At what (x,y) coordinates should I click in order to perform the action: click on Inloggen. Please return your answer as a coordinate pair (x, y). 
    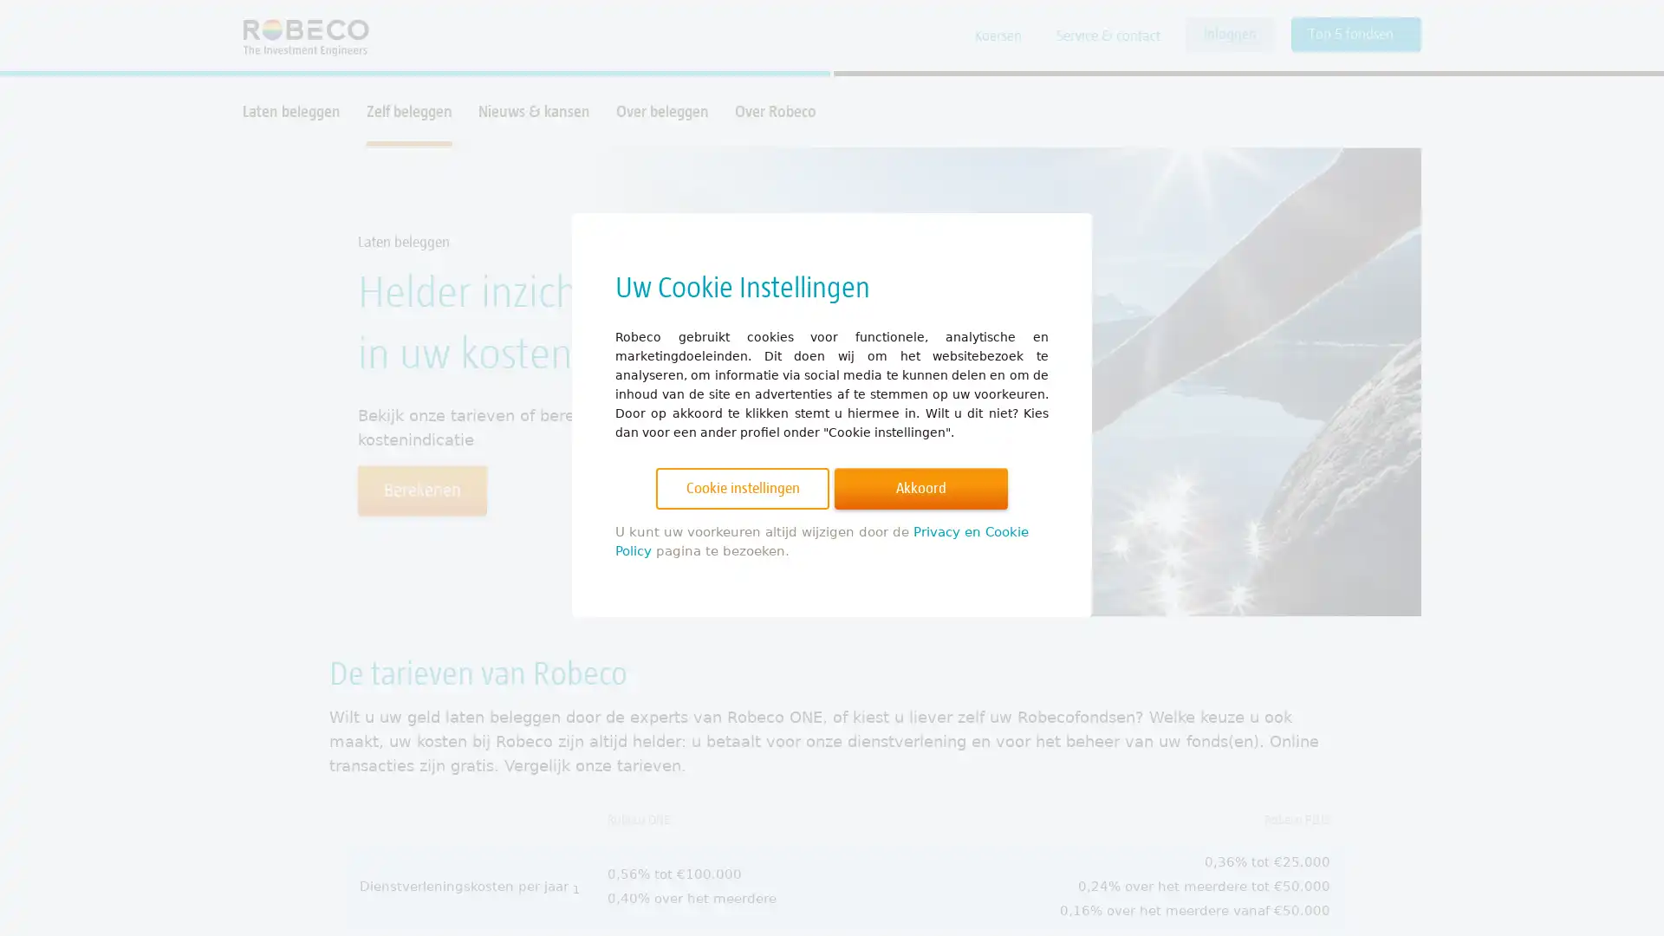
    Looking at the image, I should click on (1229, 34).